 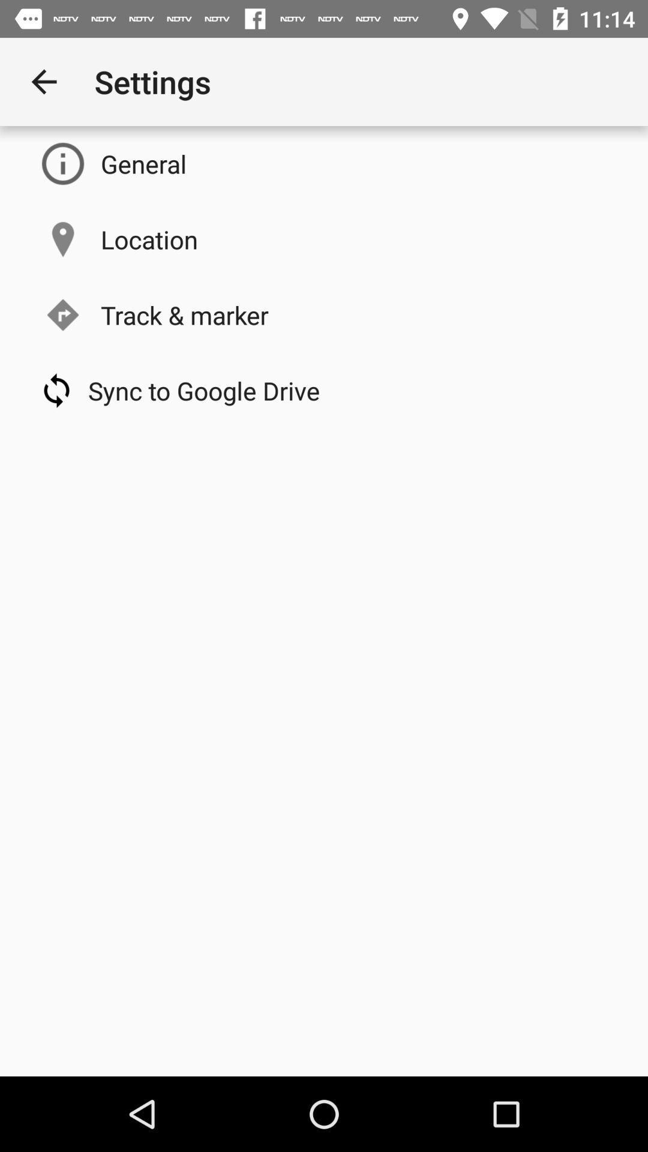 What do you see at coordinates (149, 239) in the screenshot?
I see `icon below the general icon` at bounding box center [149, 239].